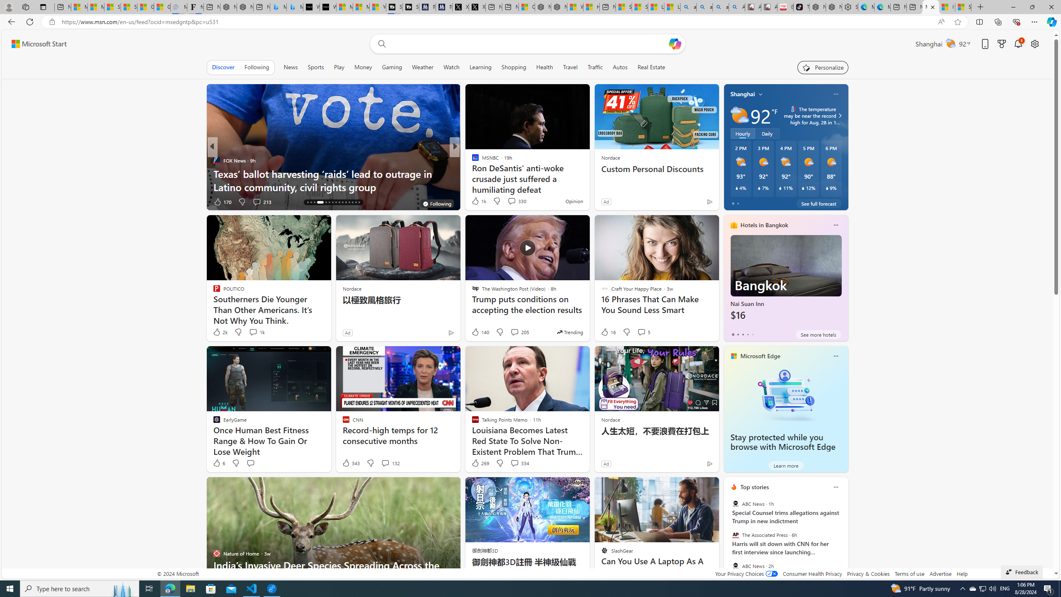 This screenshot has height=597, width=1061. I want to click on 'Nordace - Best Sellers', so click(817, 7).